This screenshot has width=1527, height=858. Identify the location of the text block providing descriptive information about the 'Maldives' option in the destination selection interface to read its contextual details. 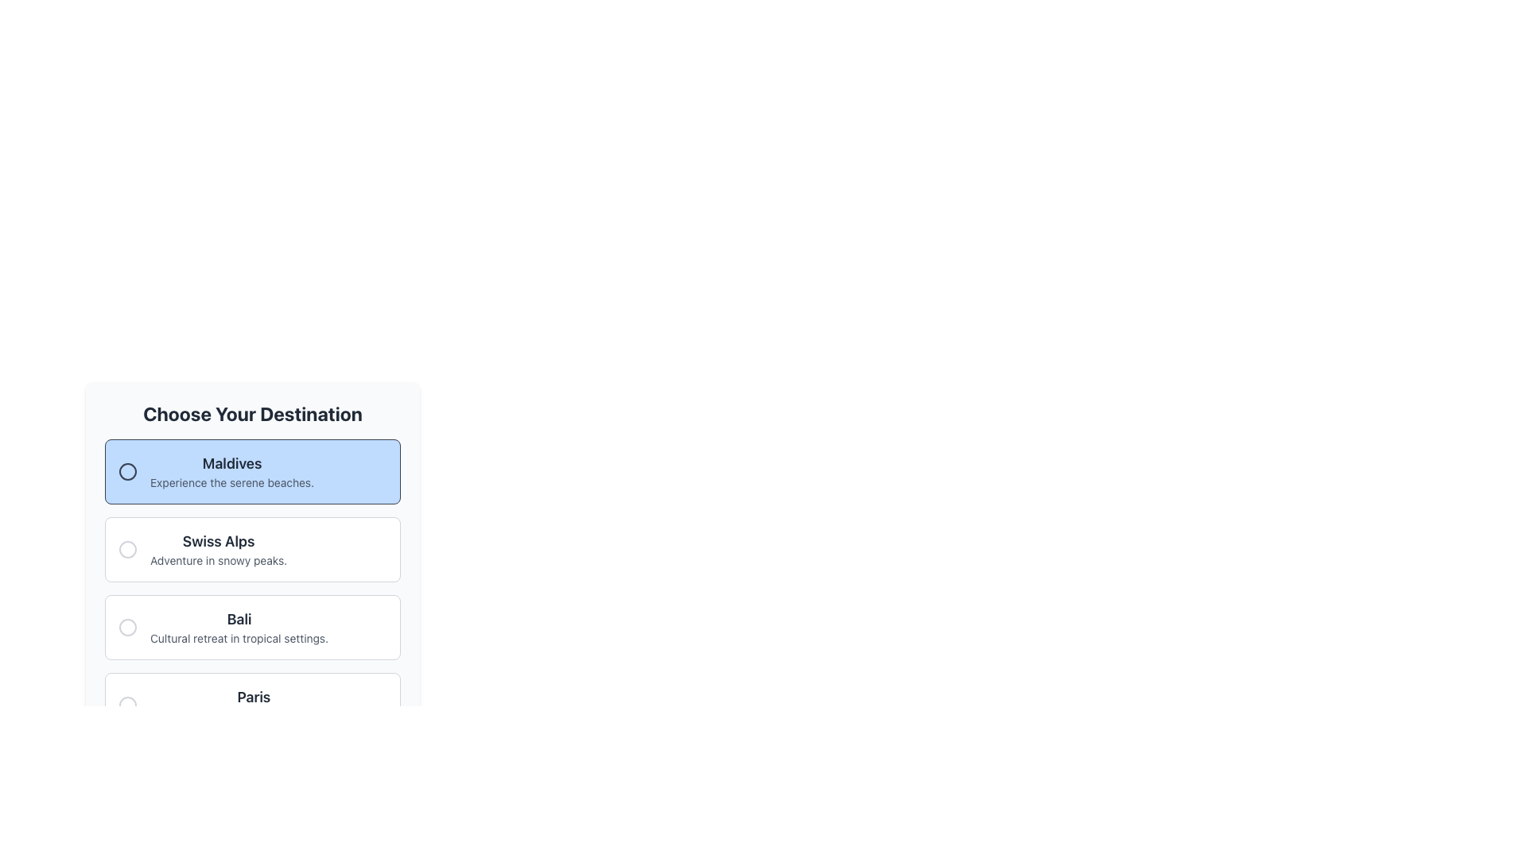
(231, 471).